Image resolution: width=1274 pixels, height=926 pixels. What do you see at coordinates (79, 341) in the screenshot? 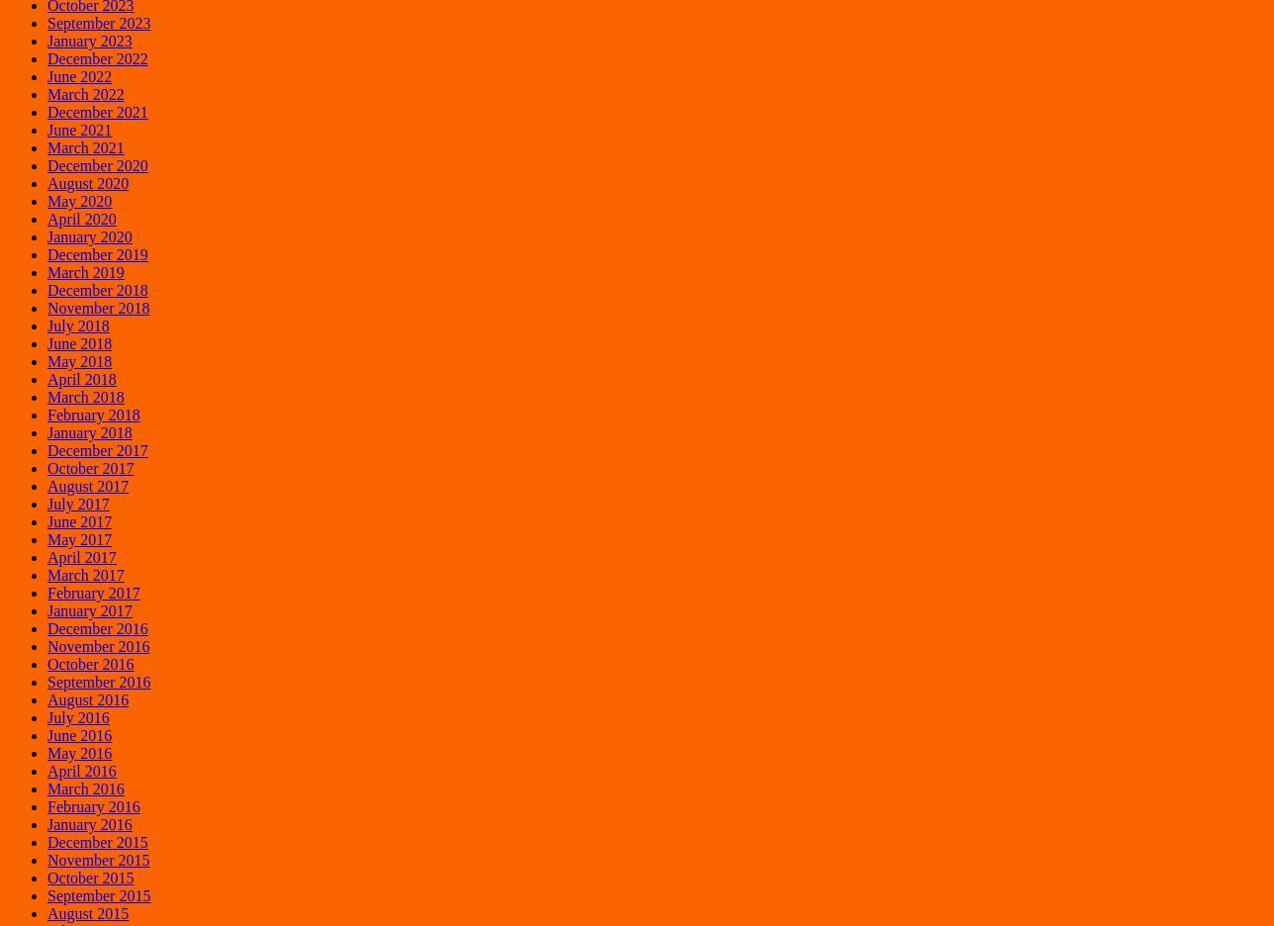
I see `'June 2018'` at bounding box center [79, 341].